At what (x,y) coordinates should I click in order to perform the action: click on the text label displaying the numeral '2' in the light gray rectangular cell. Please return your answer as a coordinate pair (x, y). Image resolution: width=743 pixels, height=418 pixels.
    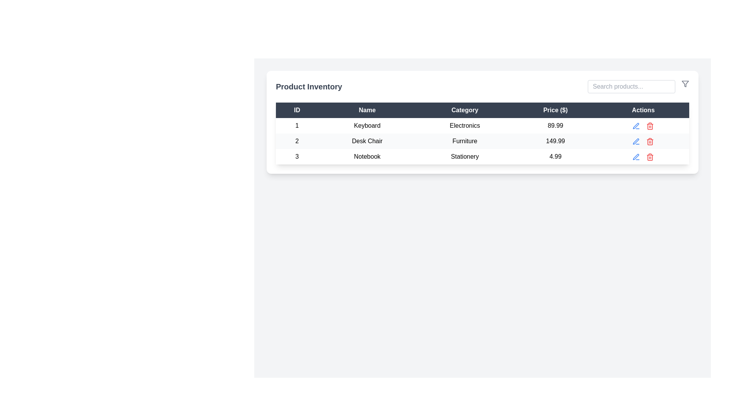
    Looking at the image, I should click on (296, 141).